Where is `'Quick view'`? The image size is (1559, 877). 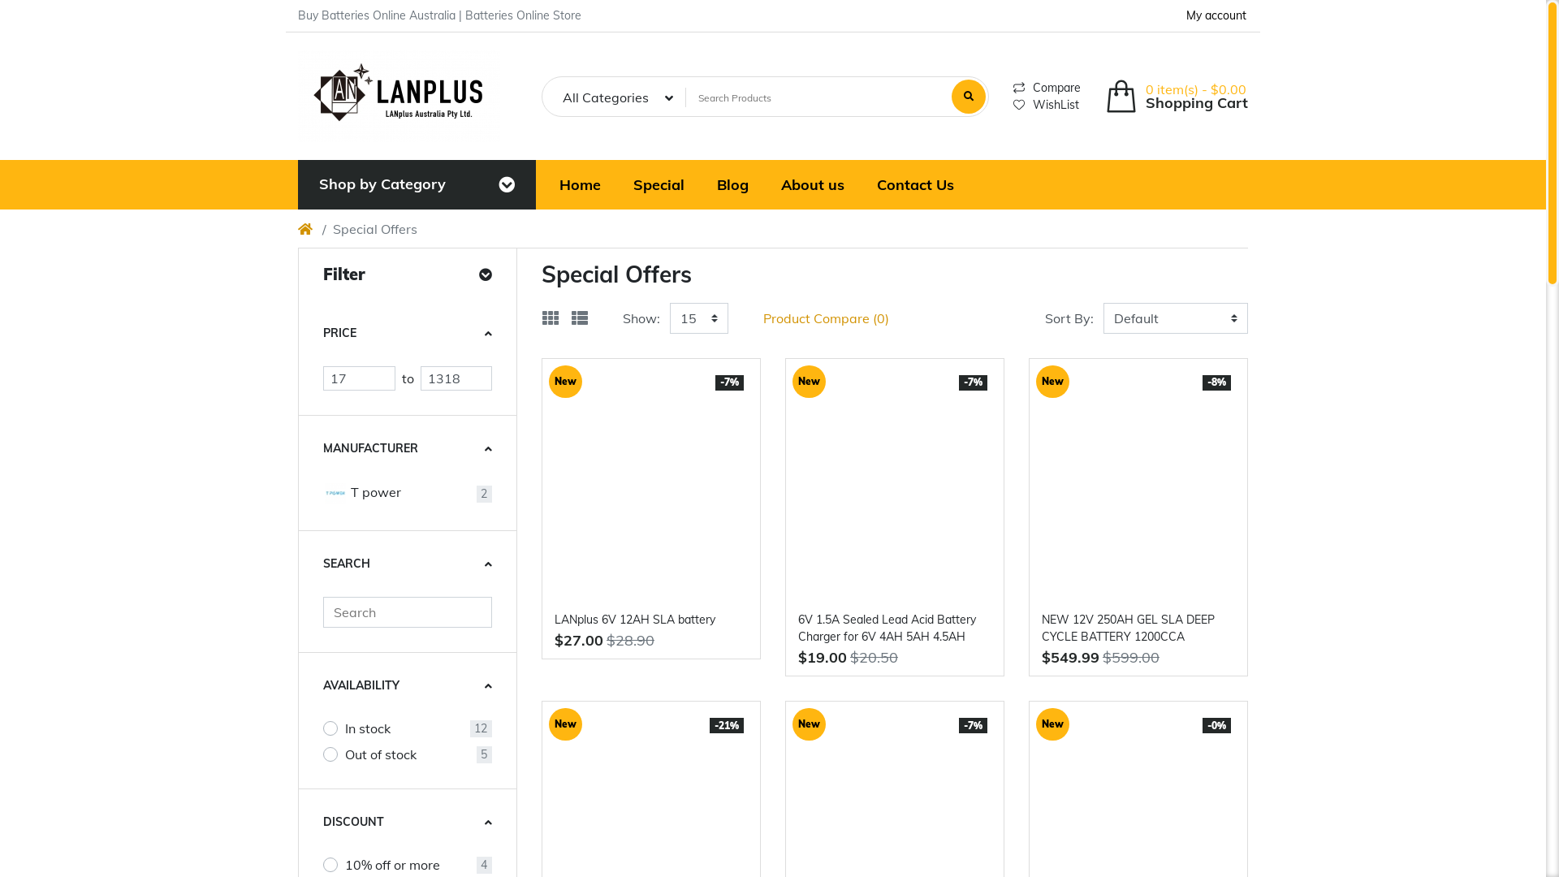
'Quick view' is located at coordinates (912, 343).